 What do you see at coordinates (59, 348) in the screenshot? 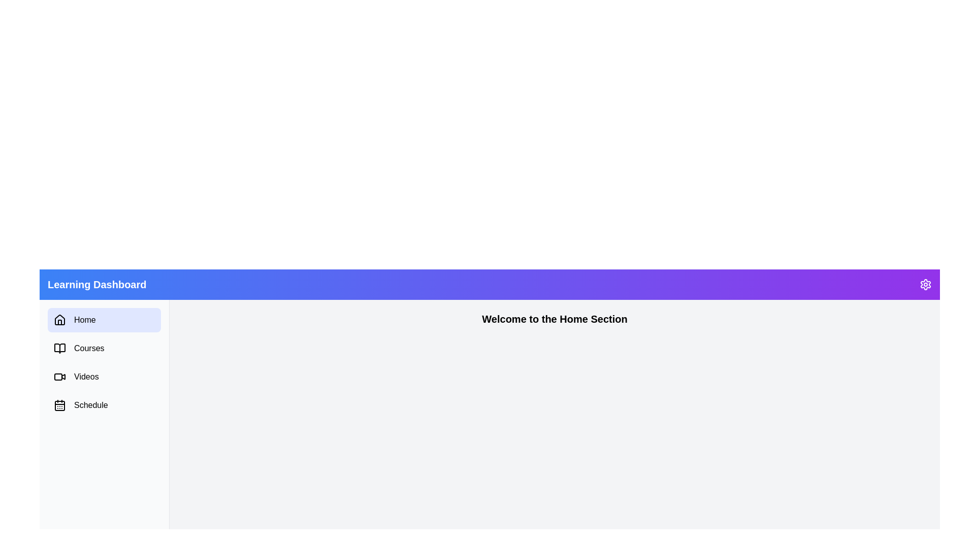
I see `the 'Courses' navigation icon located in the vertical list of the navigation pane, positioned below the 'Home' icon and above the 'Videos' icon` at bounding box center [59, 348].